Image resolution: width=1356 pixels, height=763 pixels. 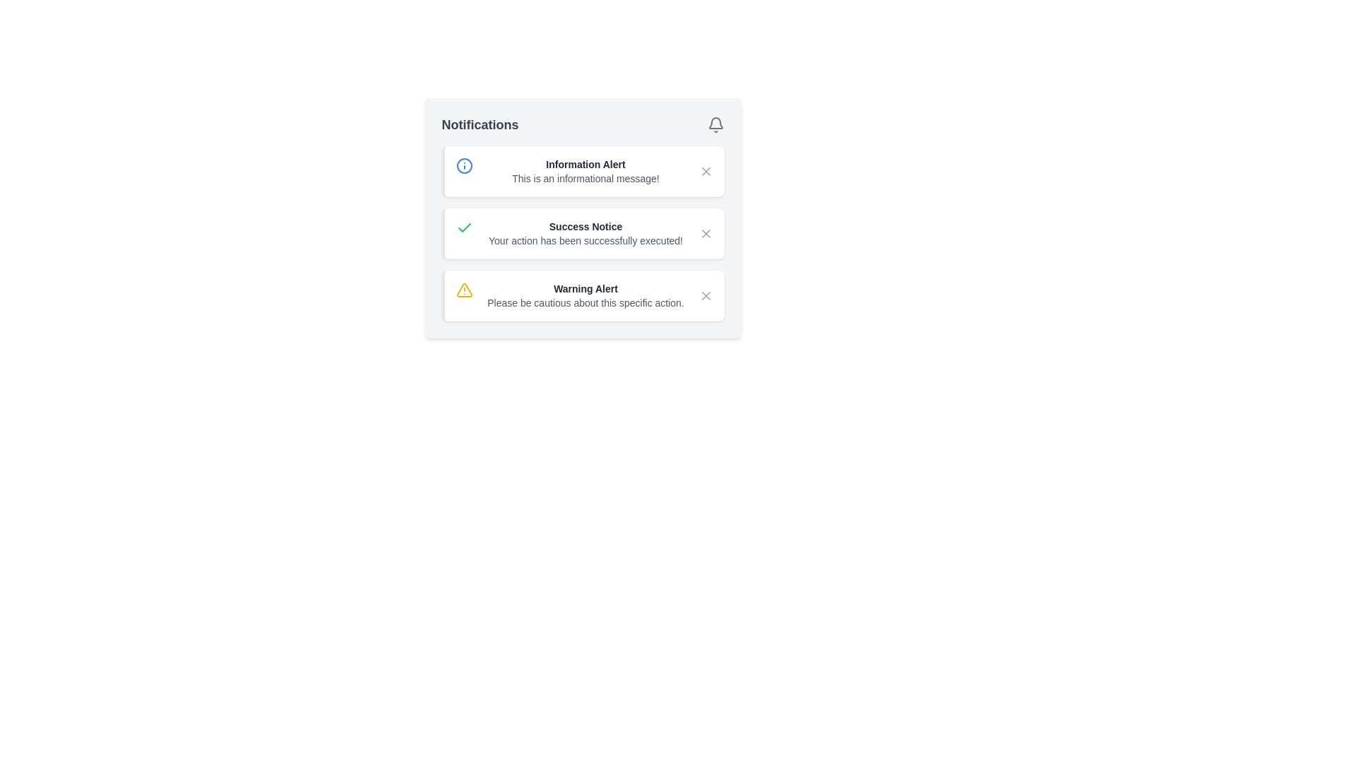 I want to click on the close button icon, shaped like an 'X', located at the far-right end of the third warning notification, so click(x=706, y=295).